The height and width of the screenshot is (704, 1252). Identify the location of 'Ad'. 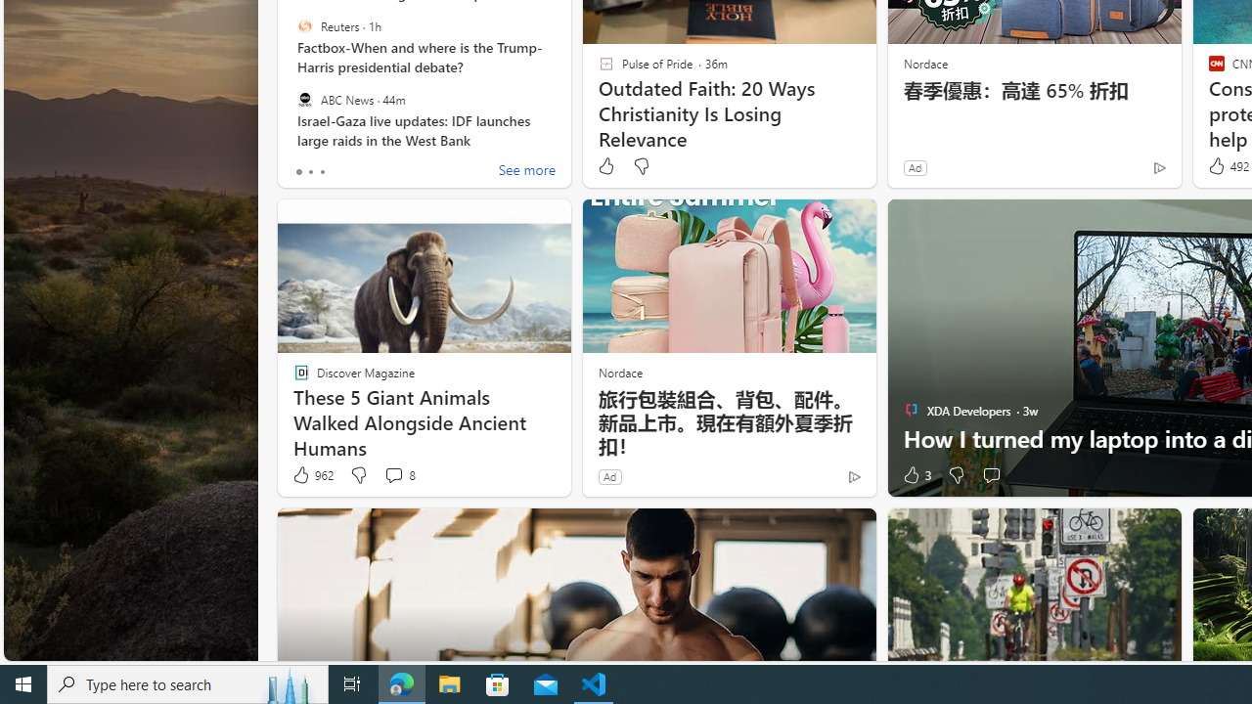
(608, 476).